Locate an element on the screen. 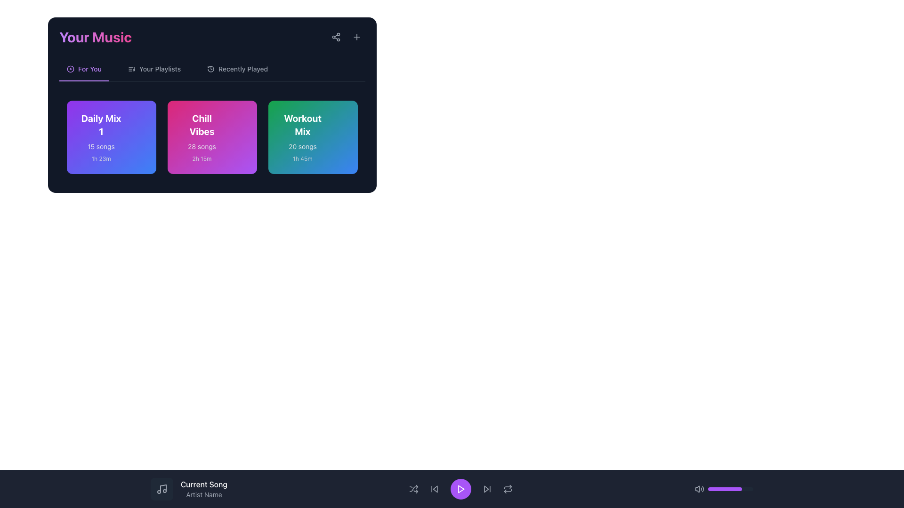 The width and height of the screenshot is (904, 508). the 'Your Playlists' tab, which is the second tab in the navigation bar is located at coordinates (154, 72).